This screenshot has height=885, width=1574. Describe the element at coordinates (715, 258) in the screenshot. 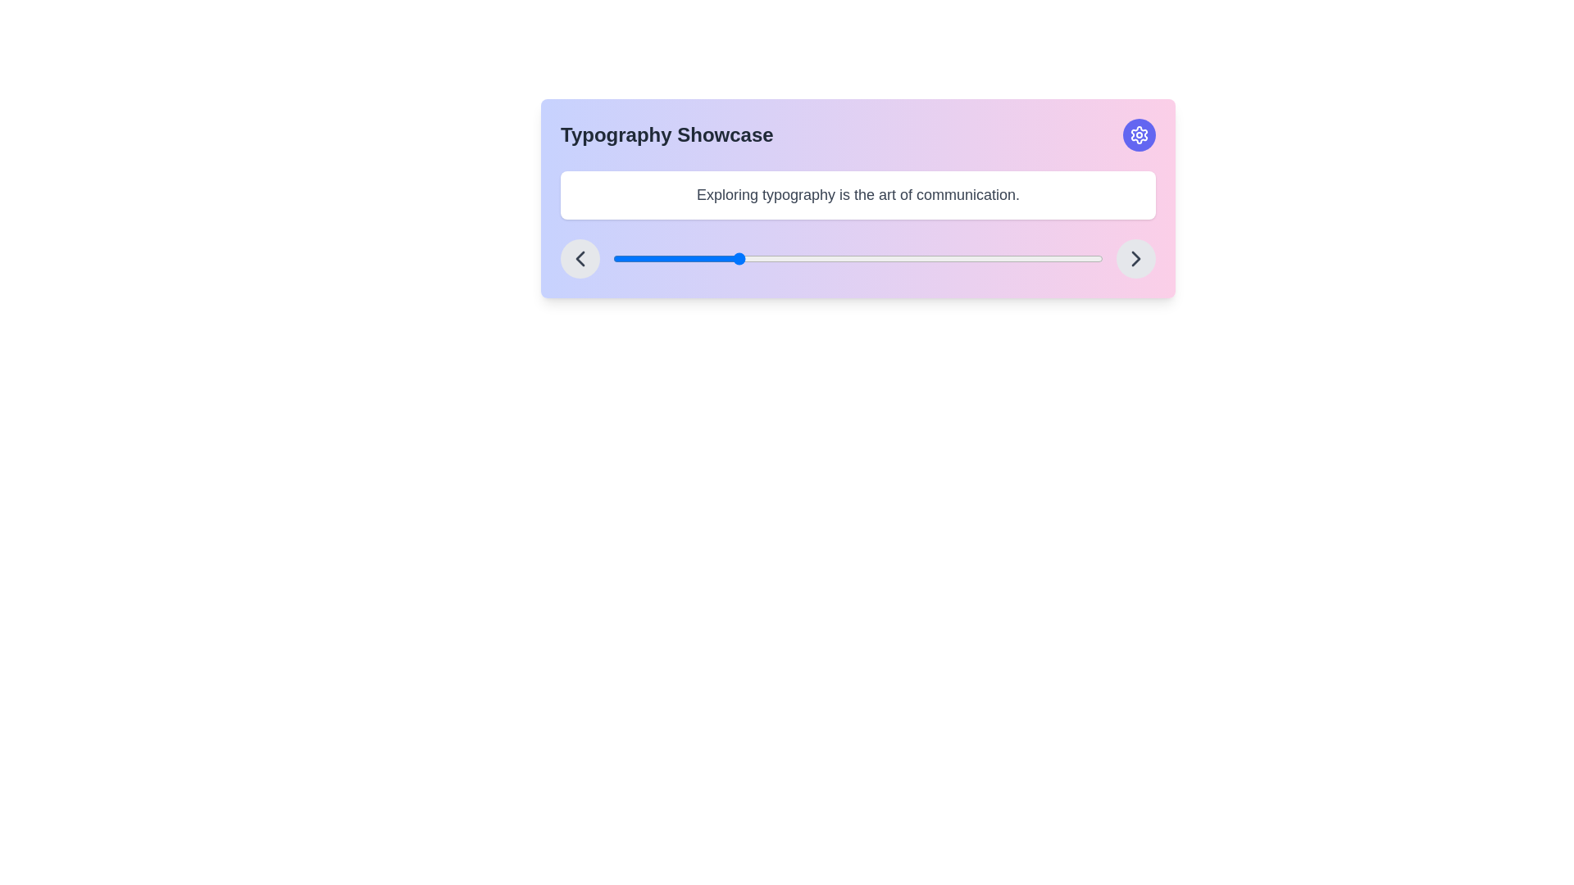

I see `the slider` at that location.